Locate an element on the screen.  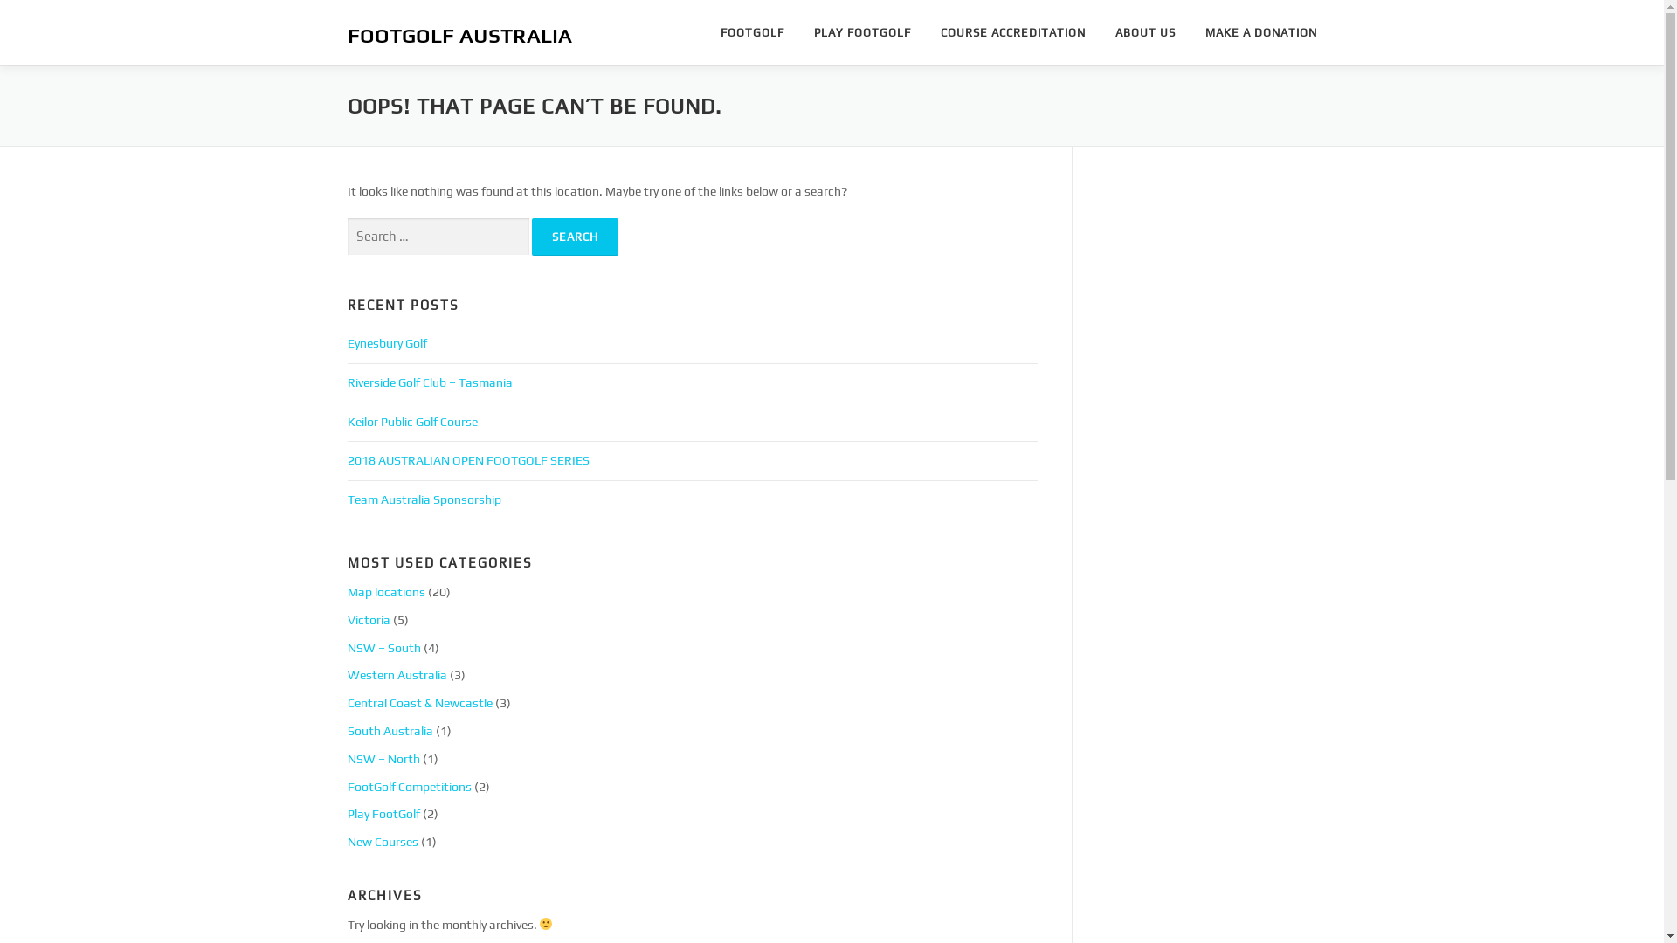
'FootGolf Competitions' is located at coordinates (409, 787).